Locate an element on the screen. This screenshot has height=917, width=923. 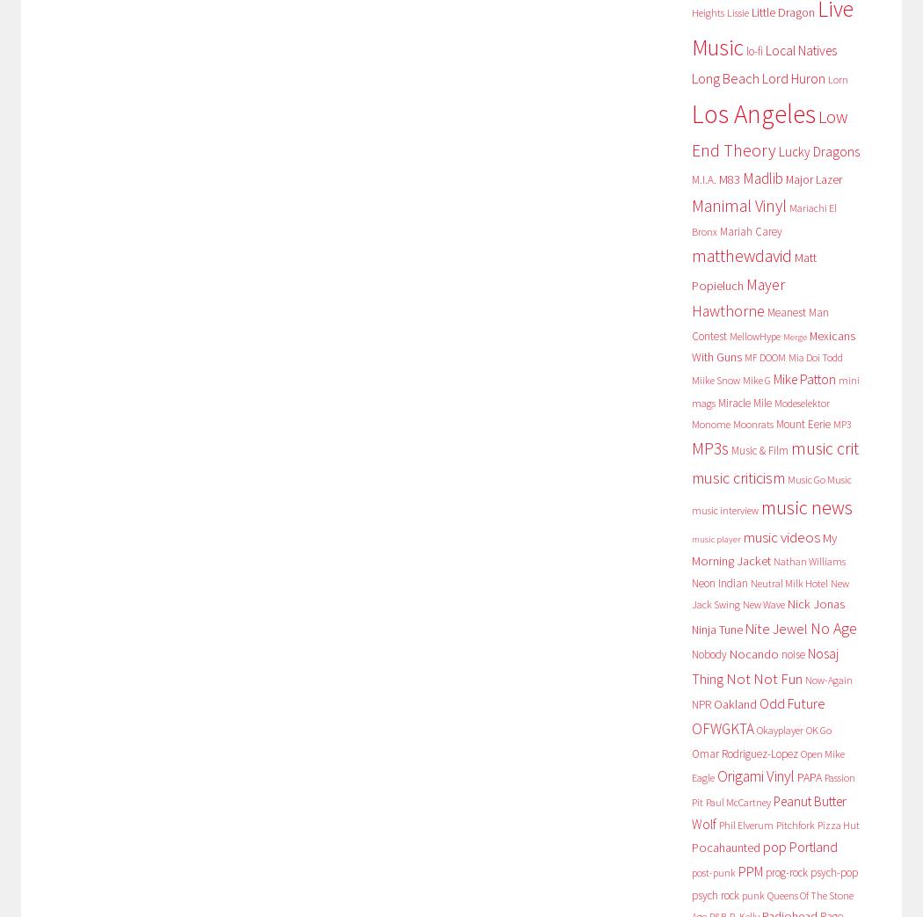
'noise' is located at coordinates (792, 653).